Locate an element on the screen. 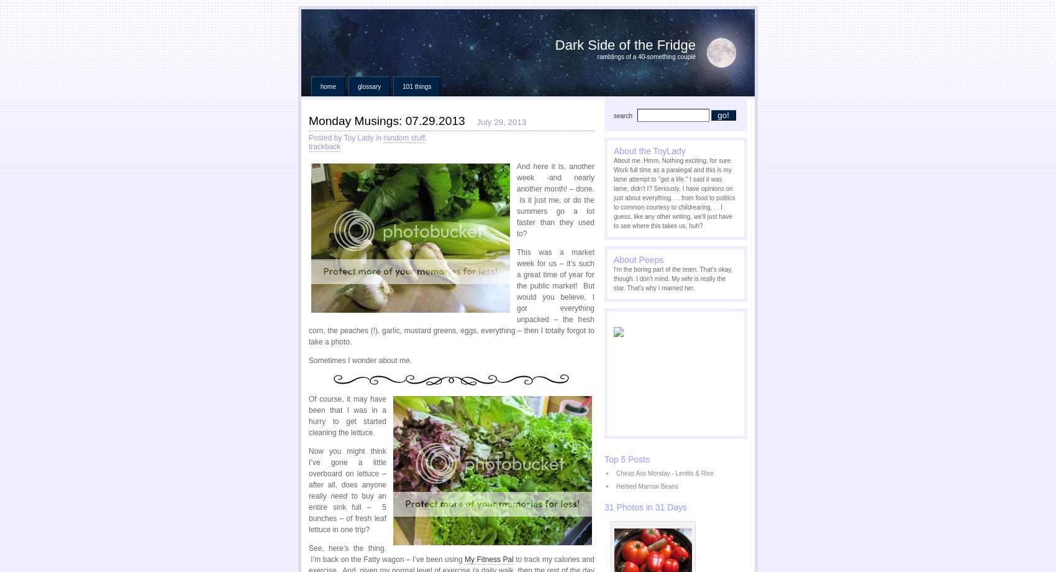  'trackback' is located at coordinates (324, 146).